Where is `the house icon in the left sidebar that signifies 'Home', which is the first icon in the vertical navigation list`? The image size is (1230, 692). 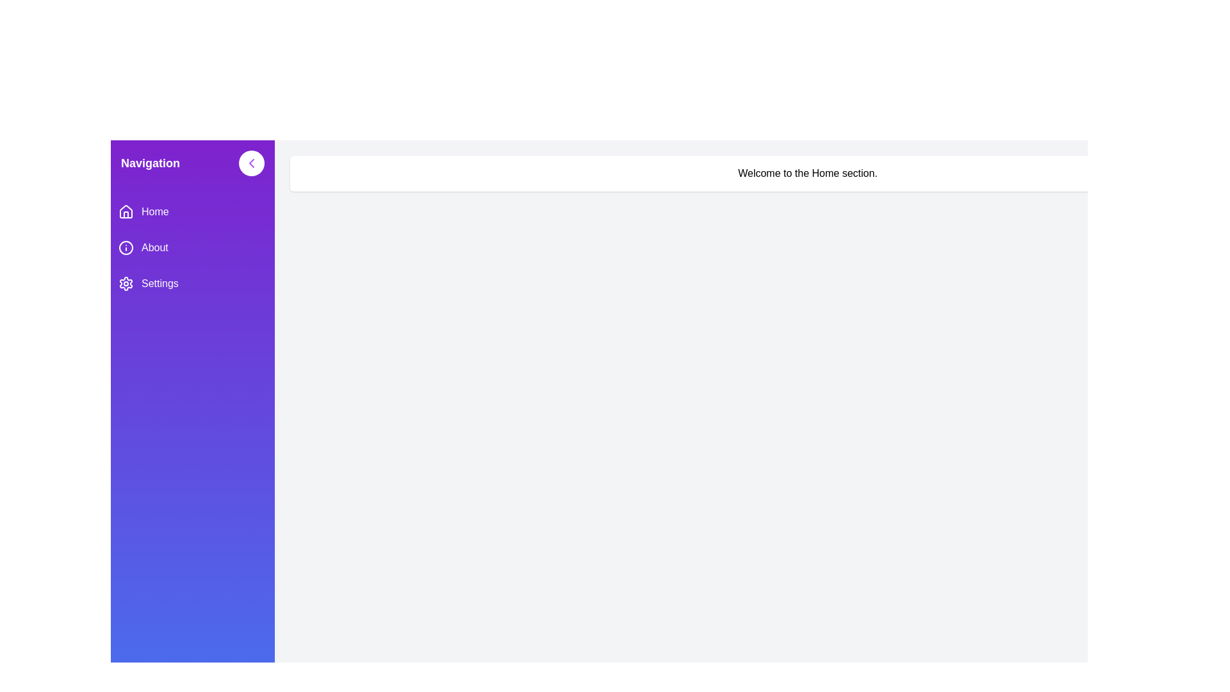 the house icon in the left sidebar that signifies 'Home', which is the first icon in the vertical navigation list is located at coordinates (126, 211).